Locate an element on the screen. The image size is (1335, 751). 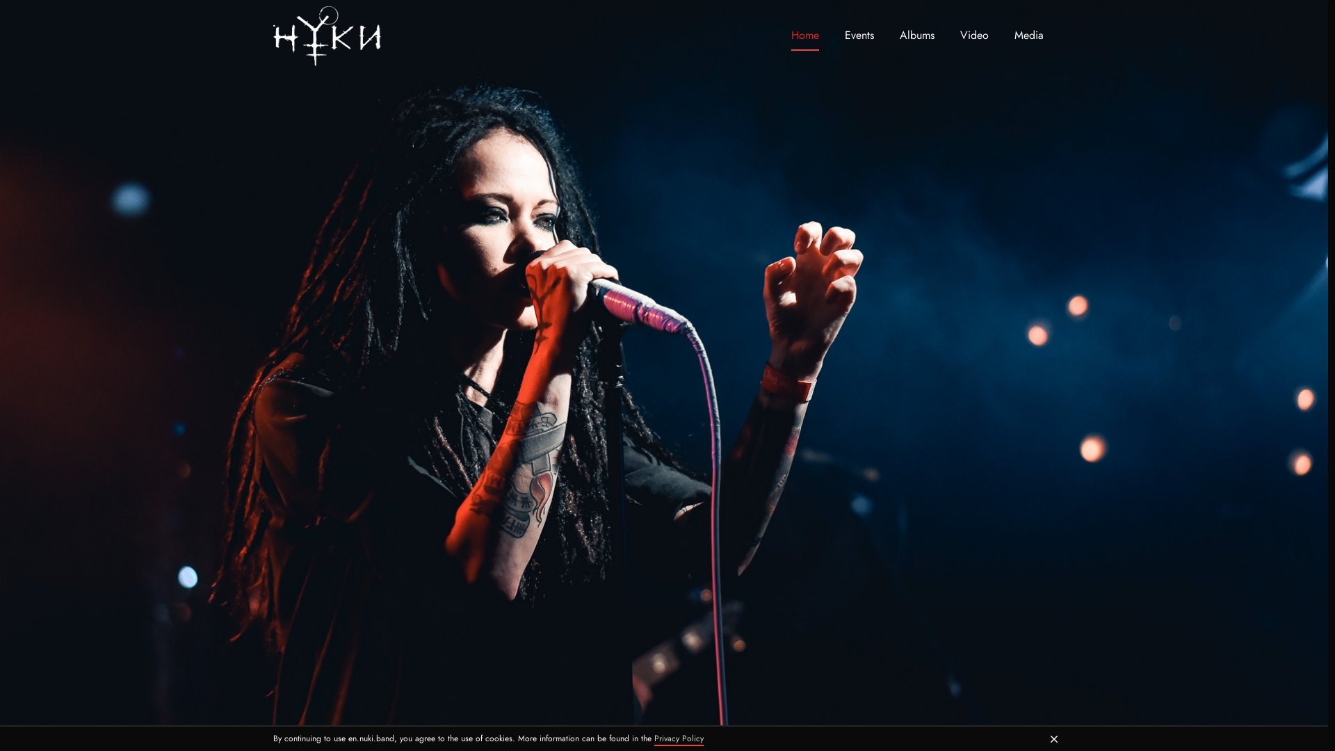
'Privacy Policy' is located at coordinates (653, 738).